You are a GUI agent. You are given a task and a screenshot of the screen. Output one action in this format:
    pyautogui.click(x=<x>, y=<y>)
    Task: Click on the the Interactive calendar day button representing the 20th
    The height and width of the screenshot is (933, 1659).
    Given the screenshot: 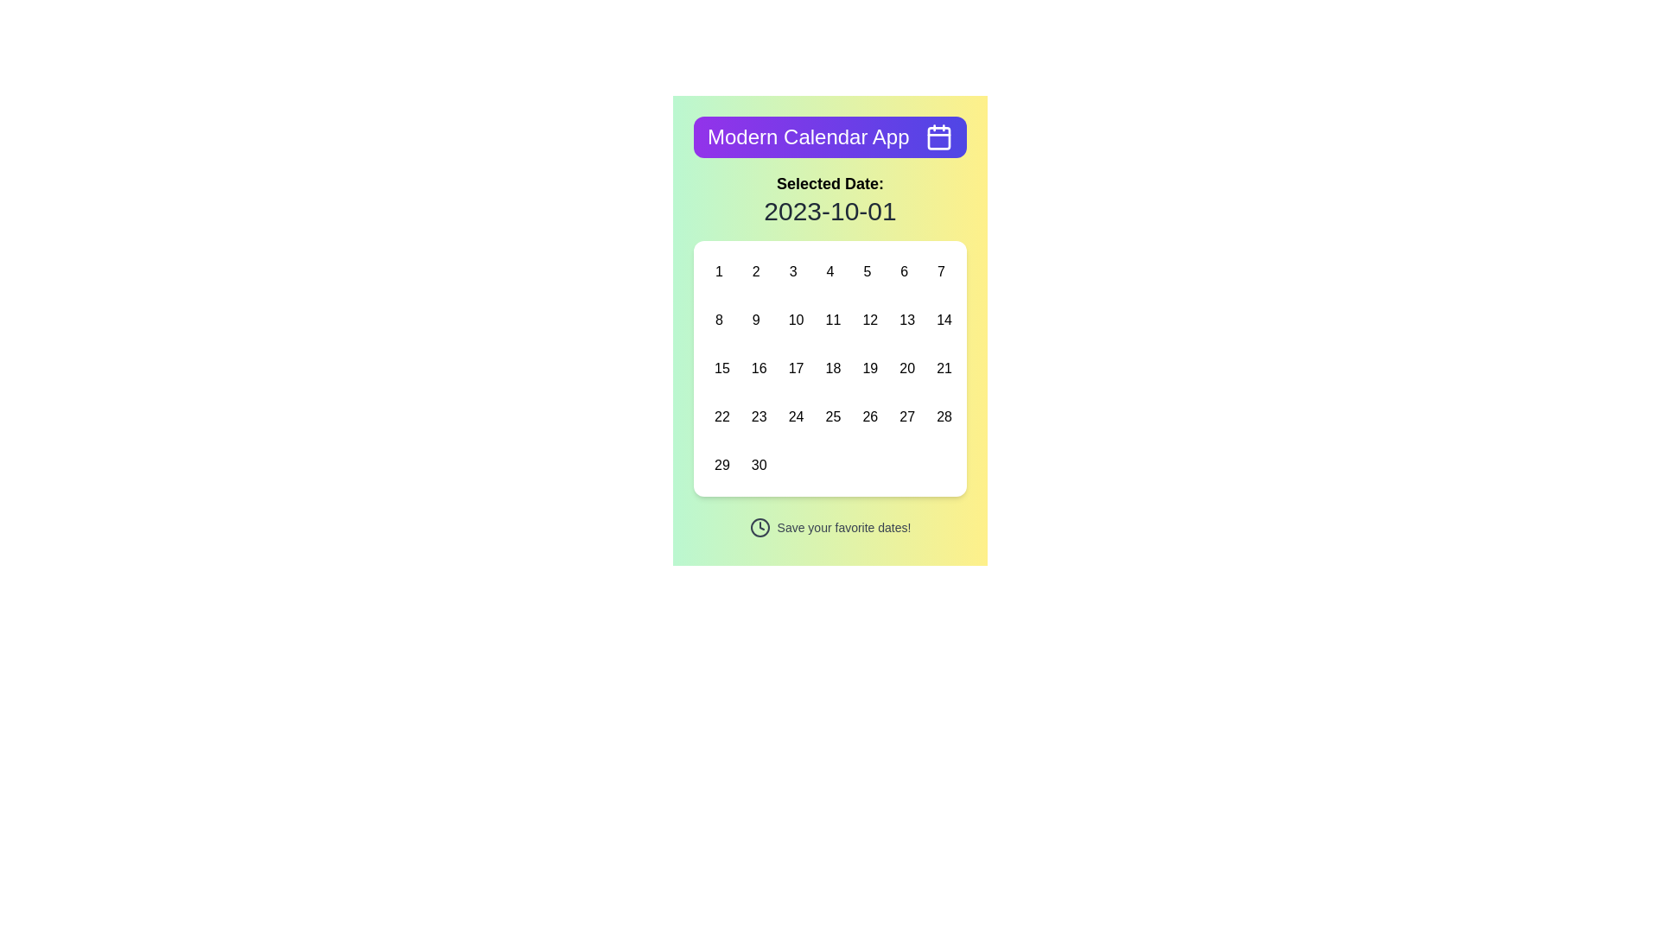 What is the action you would take?
    pyautogui.click(x=903, y=368)
    